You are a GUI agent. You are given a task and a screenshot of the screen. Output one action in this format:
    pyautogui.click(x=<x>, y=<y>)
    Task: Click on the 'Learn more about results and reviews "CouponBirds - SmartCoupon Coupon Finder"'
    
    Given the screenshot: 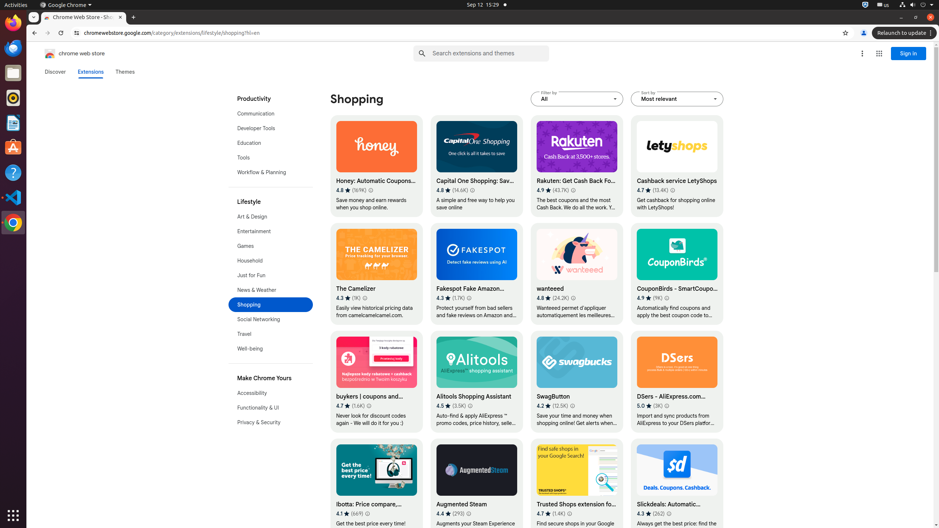 What is the action you would take?
    pyautogui.click(x=666, y=298)
    